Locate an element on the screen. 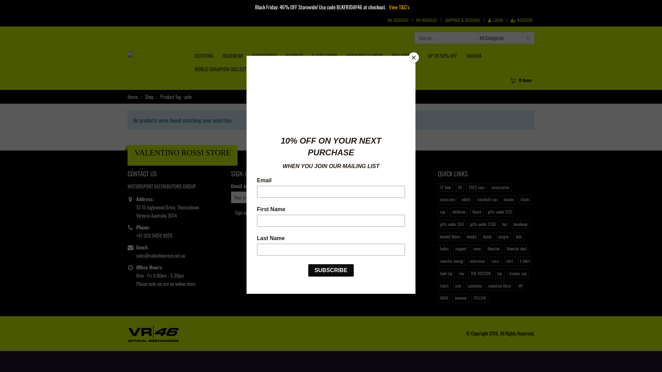  'rossi' is located at coordinates (495, 261).